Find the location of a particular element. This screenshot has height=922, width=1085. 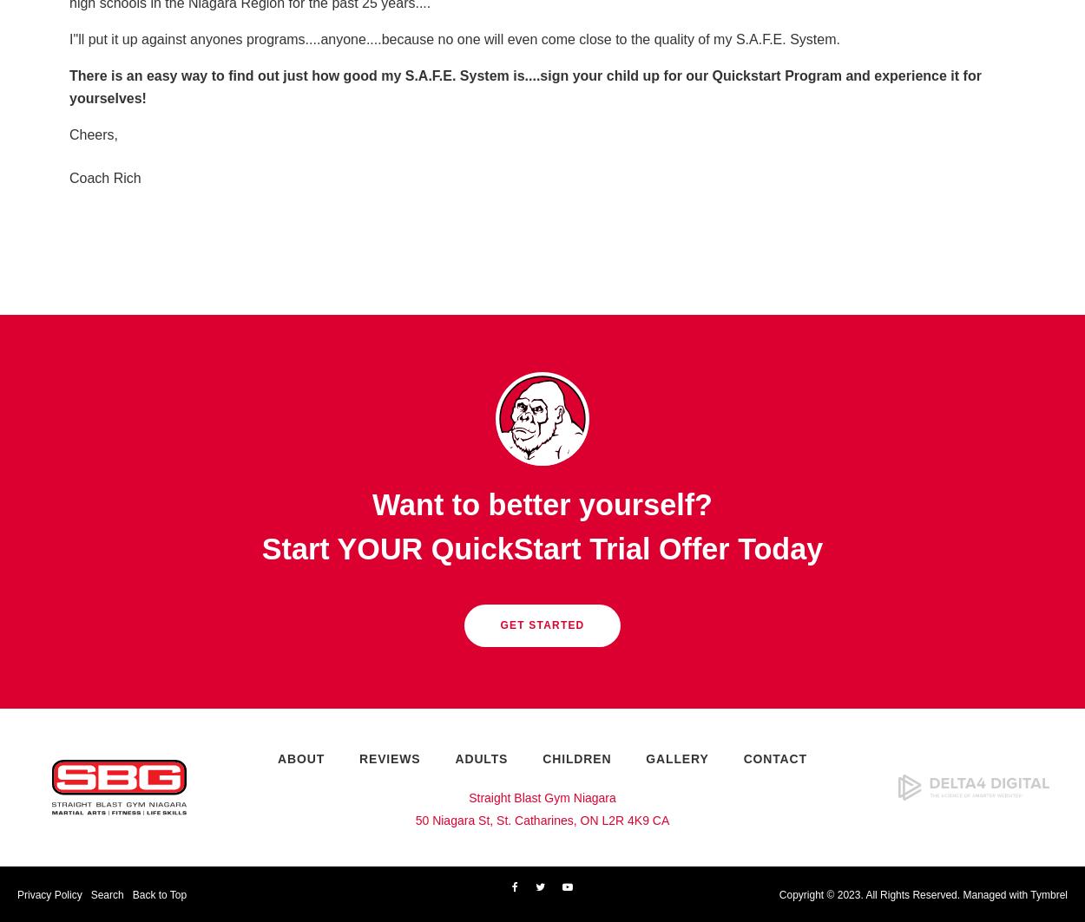

'50 Niagara St,' is located at coordinates (454, 819).